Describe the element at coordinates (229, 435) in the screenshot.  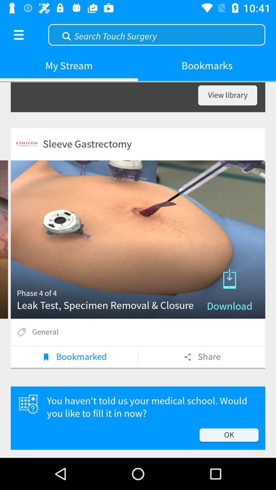
I see `the ok icon` at that location.